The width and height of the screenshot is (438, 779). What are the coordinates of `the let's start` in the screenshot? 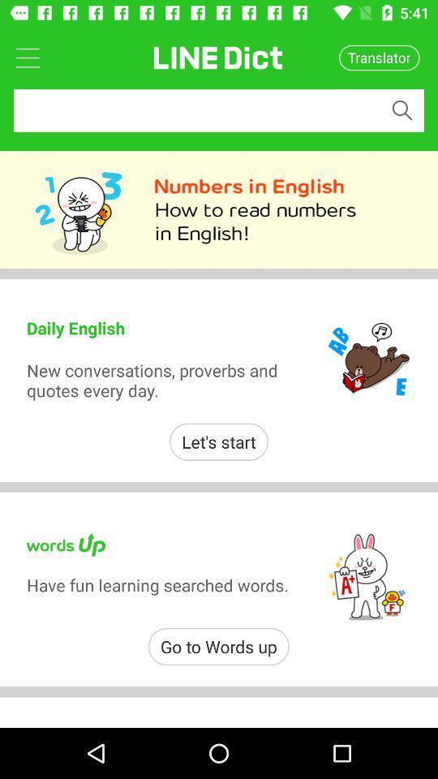 It's located at (219, 441).